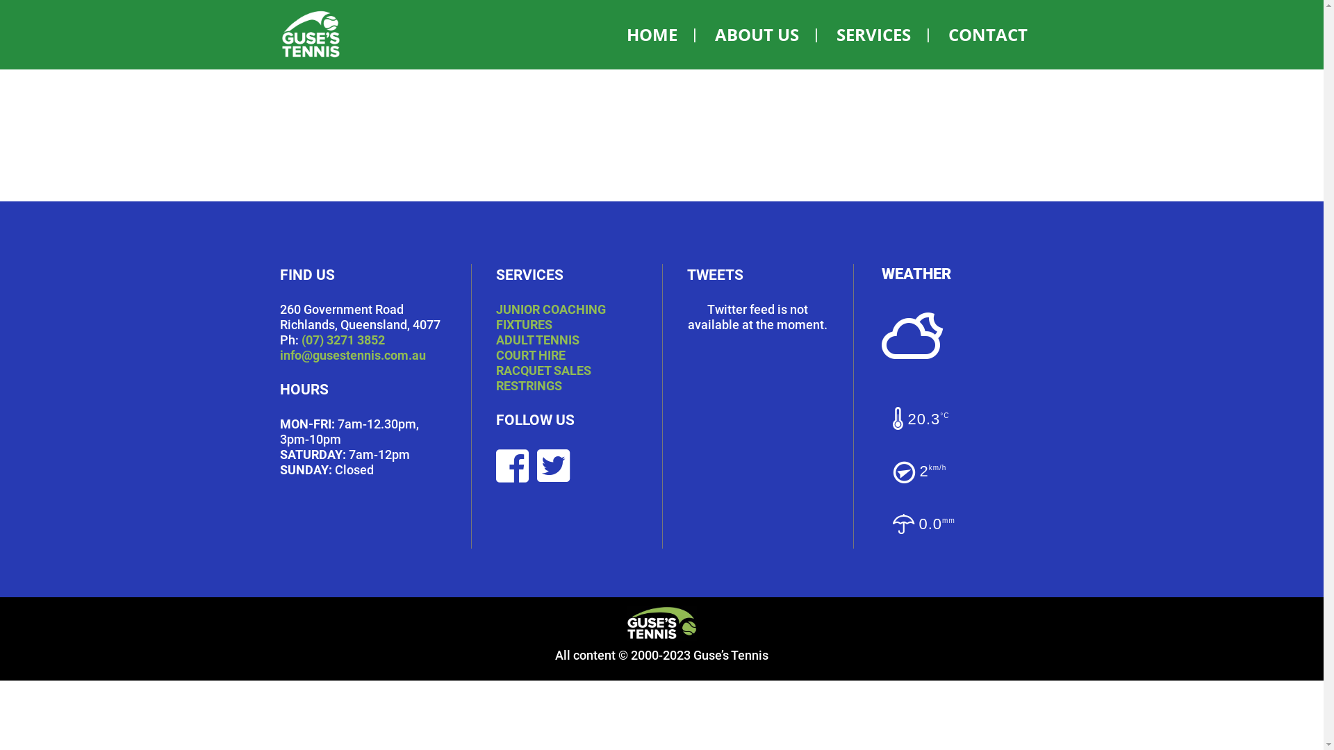 The height and width of the screenshot is (750, 1334). Describe the element at coordinates (343, 340) in the screenshot. I see `'(07) 3271 3852'` at that location.